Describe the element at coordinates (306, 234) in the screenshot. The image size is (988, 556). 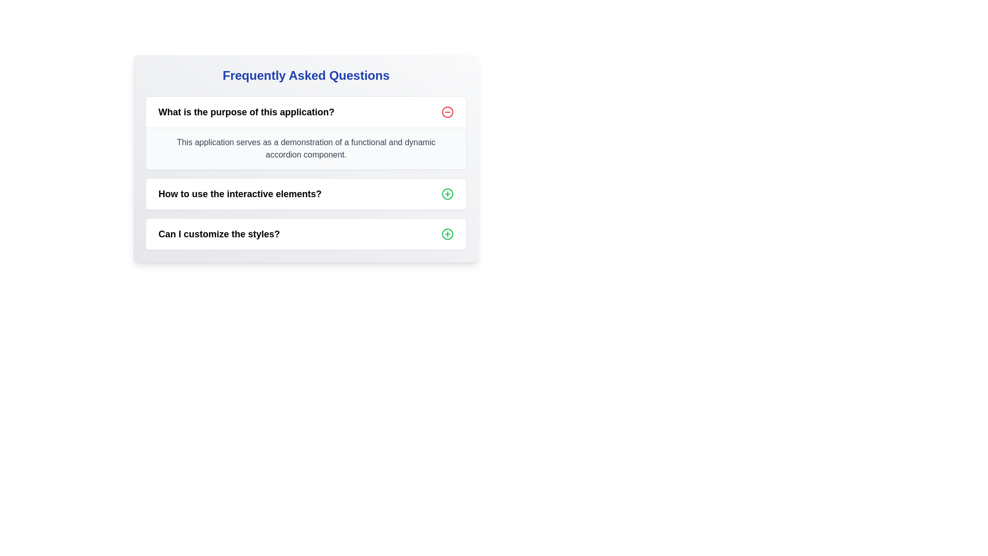
I see `the third Accordion toggle item labeled 'Can I customize the styles?'` at that location.